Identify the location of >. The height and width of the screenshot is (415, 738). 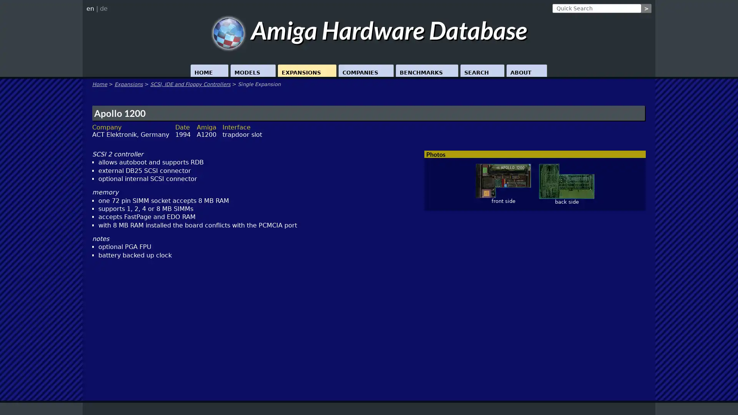
(646, 8).